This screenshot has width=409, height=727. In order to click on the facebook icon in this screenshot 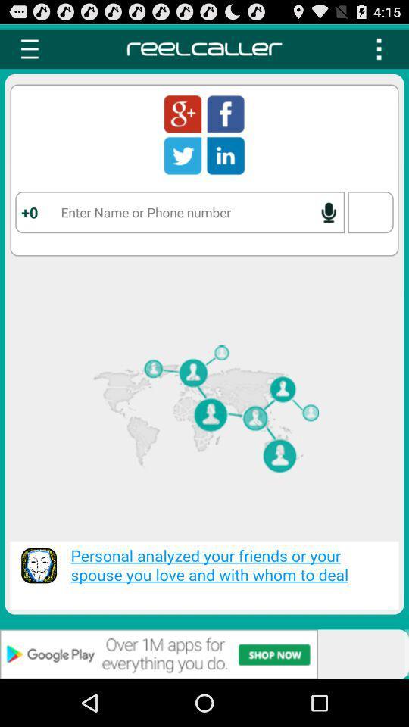, I will do `click(225, 120)`.